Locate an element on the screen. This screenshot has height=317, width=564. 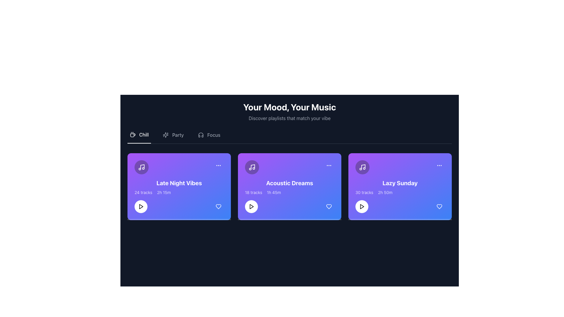
the heart button located at the bottom-right corner of the 'Lazy Sunday' box to mark the item as favorite is located at coordinates (439, 206).